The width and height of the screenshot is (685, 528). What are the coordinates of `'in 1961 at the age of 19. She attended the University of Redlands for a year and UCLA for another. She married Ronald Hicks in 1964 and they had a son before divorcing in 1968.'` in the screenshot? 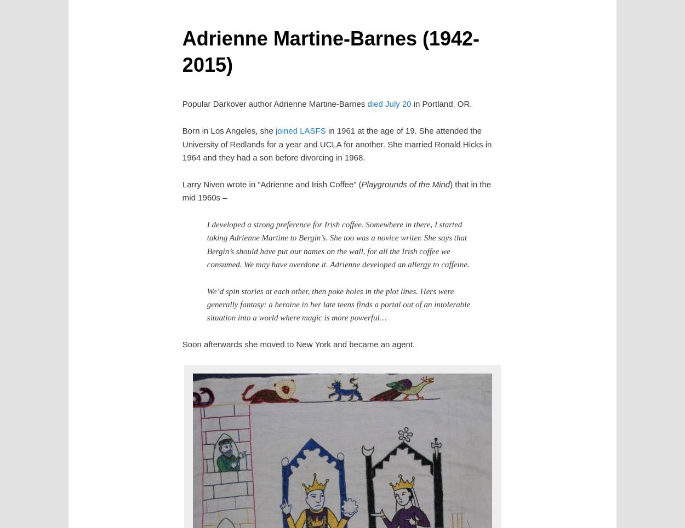 It's located at (336, 143).